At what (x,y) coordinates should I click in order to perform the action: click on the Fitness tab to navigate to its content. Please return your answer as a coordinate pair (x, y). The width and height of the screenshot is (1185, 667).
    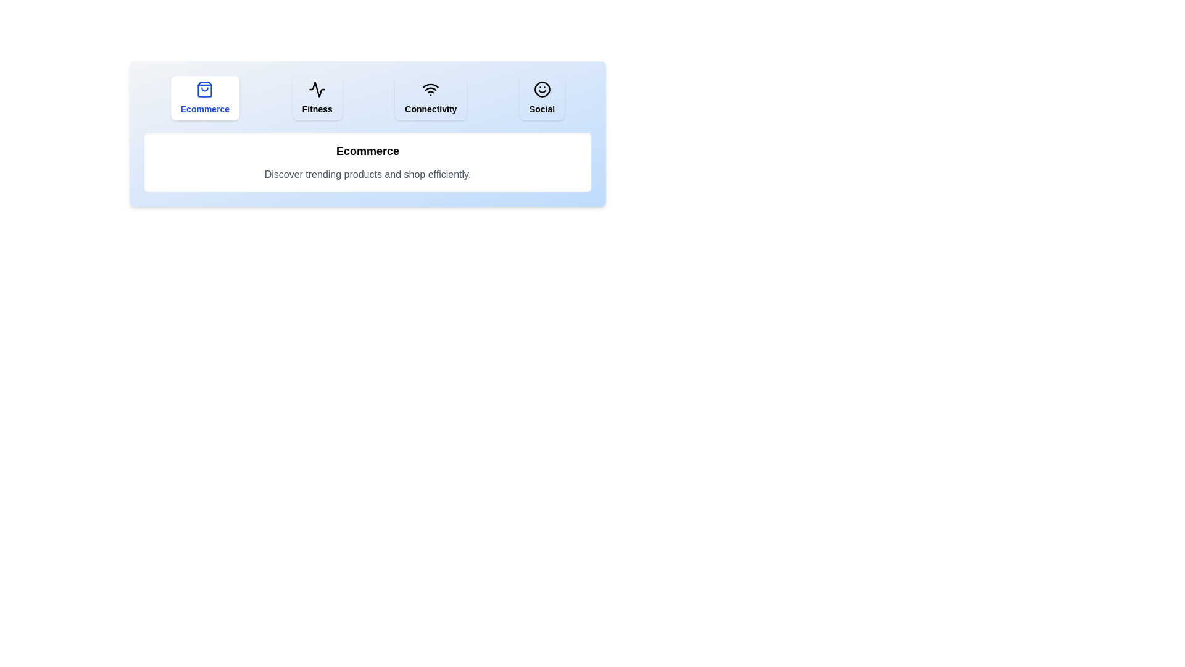
    Looking at the image, I should click on (317, 97).